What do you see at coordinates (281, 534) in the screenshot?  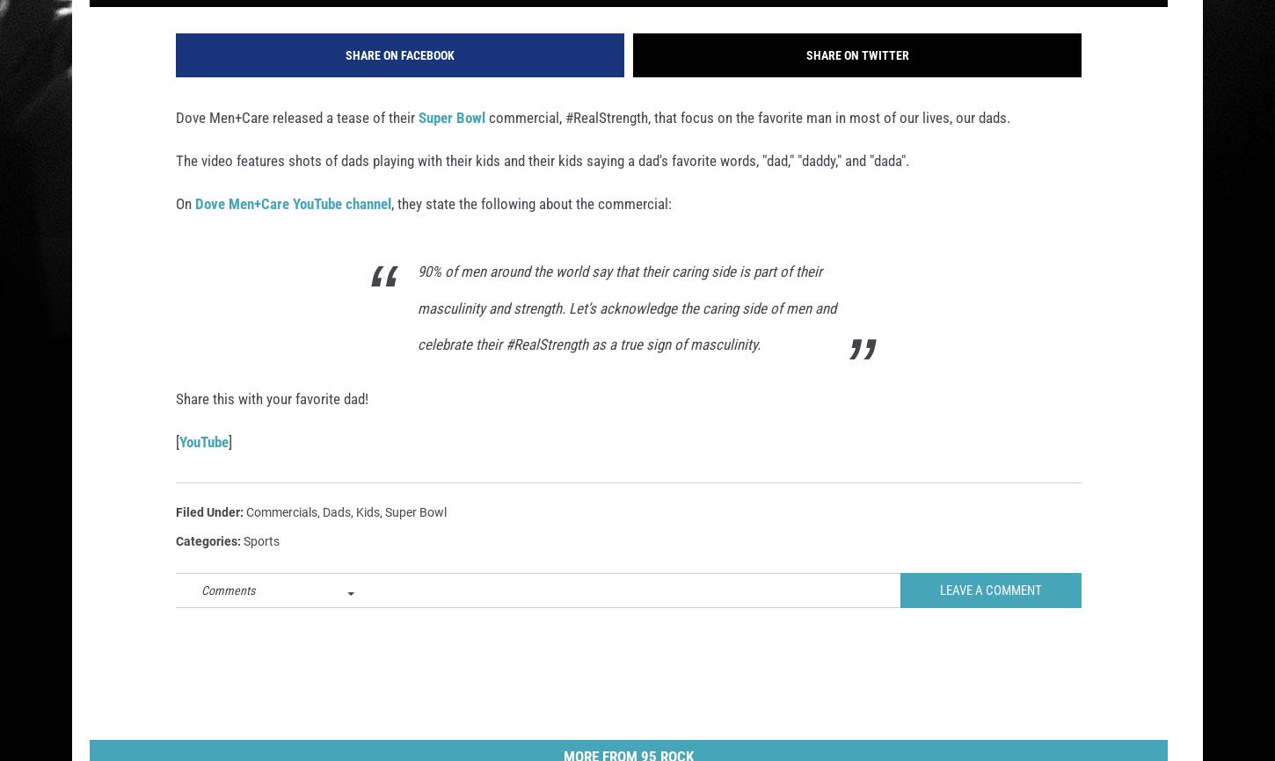 I see `'Commercials'` at bounding box center [281, 534].